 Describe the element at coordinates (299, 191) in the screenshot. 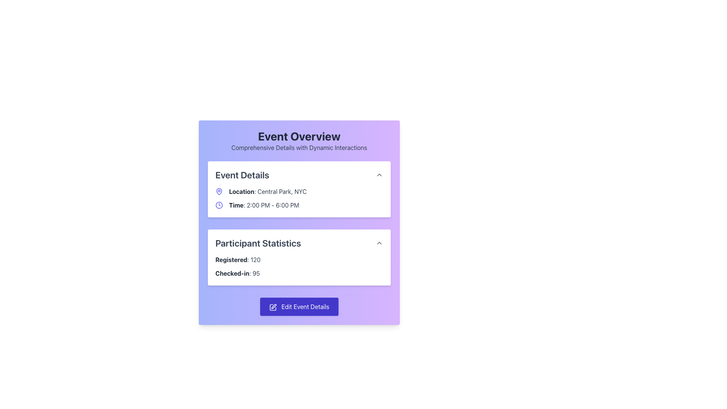

I see `the Text Label with Icon that displays 'Location: Central Park, NYC' in light gray font with a bolded 'Location' label, located in the 'Event Details' section above the 'Time' detail` at that location.